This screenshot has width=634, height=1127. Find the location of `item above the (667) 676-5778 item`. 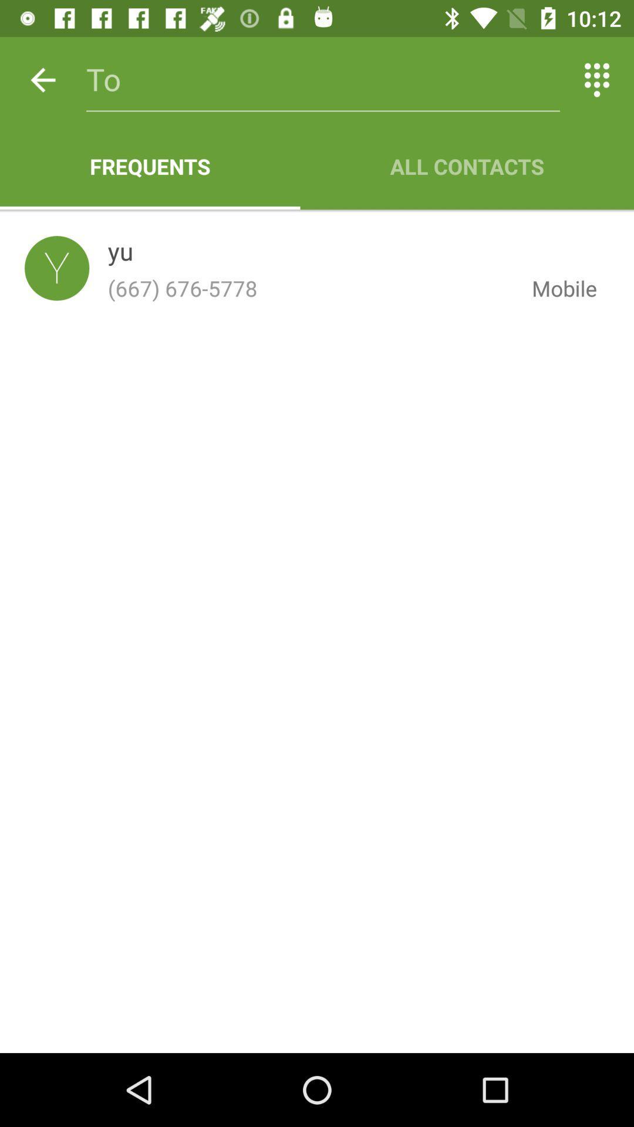

item above the (667) 676-5778 item is located at coordinates (120, 253).